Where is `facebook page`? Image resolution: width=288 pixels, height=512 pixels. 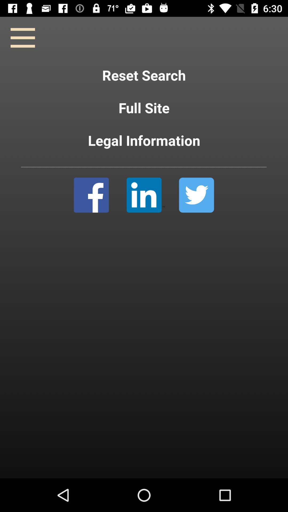 facebook page is located at coordinates (91, 195).